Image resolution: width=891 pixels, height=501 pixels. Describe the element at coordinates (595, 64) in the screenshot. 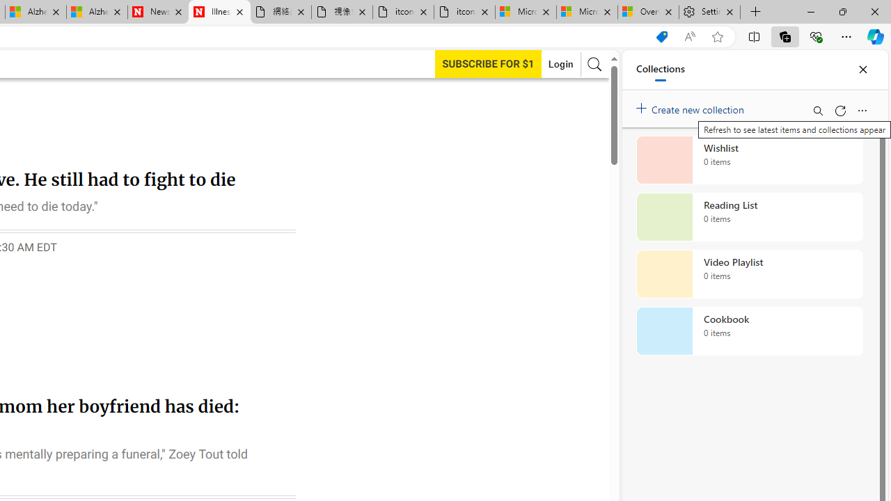

I see `'AutomationID: search-btn'` at that location.